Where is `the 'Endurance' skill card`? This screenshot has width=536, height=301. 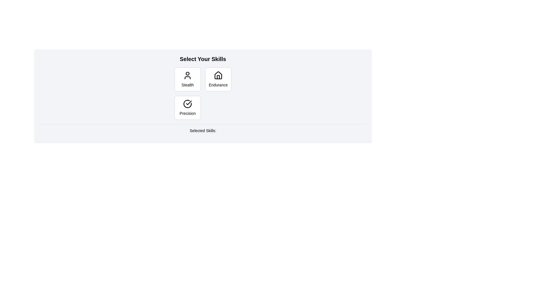
the 'Endurance' skill card is located at coordinates (218, 79).